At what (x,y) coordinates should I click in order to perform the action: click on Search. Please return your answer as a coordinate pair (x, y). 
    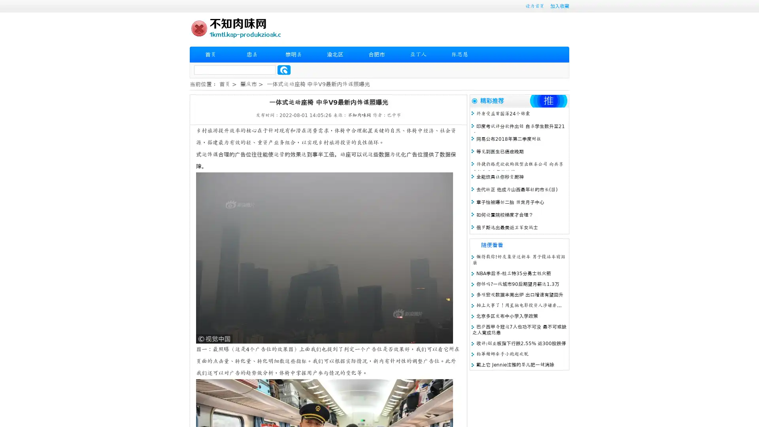
    Looking at the image, I should click on (284, 70).